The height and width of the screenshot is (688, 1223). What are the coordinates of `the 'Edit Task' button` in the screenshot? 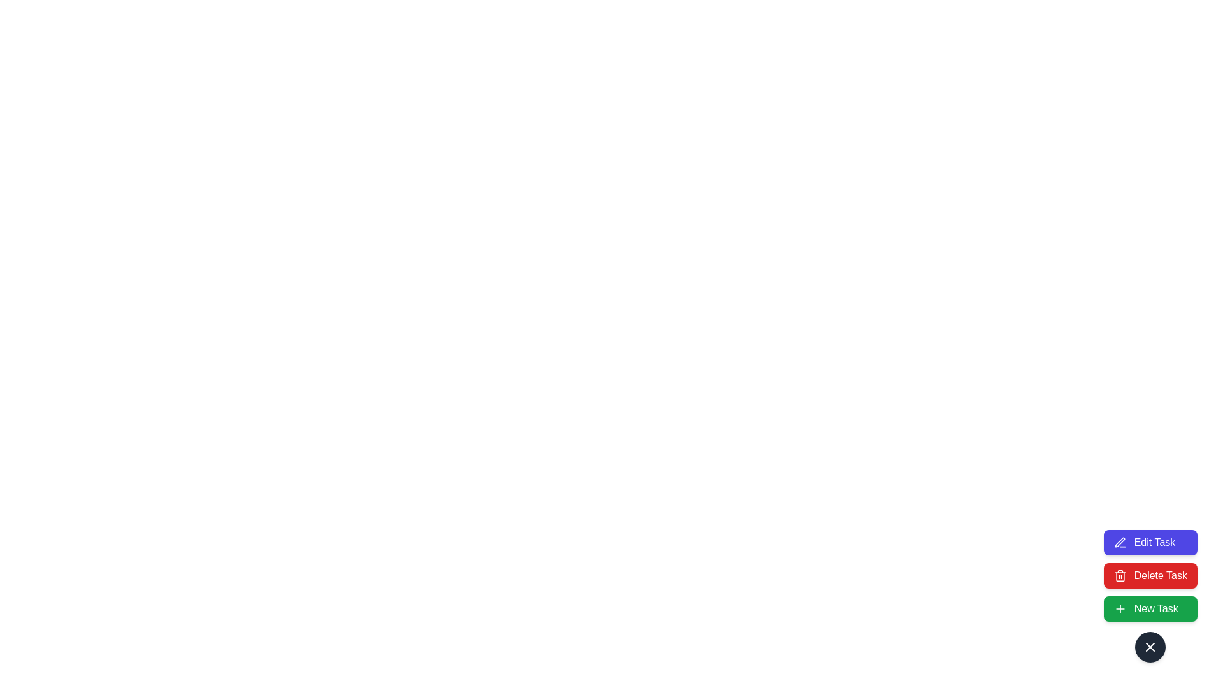 It's located at (1150, 543).